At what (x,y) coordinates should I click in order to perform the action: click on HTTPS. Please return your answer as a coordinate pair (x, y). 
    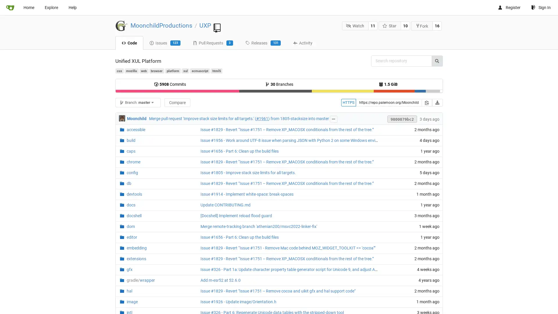
    Looking at the image, I should click on (348, 102).